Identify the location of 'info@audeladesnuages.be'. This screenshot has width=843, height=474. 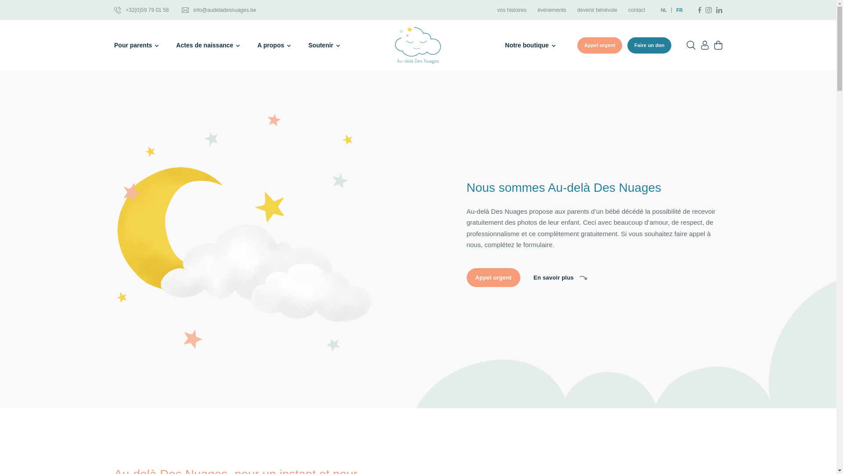
(219, 10).